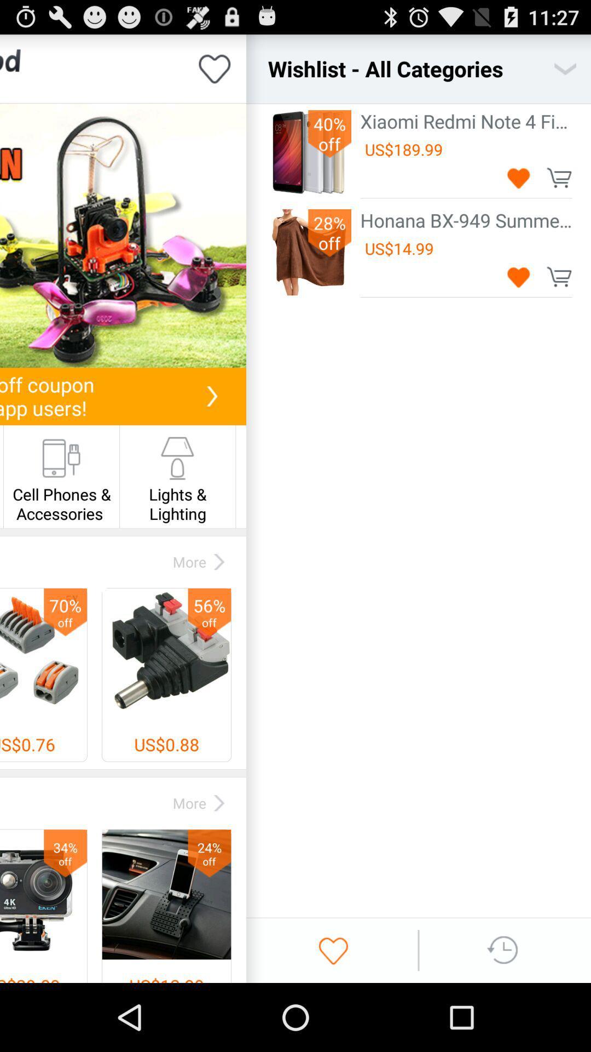 This screenshot has height=1052, width=591. I want to click on the icon next to wishlist - all categories icon, so click(565, 68).